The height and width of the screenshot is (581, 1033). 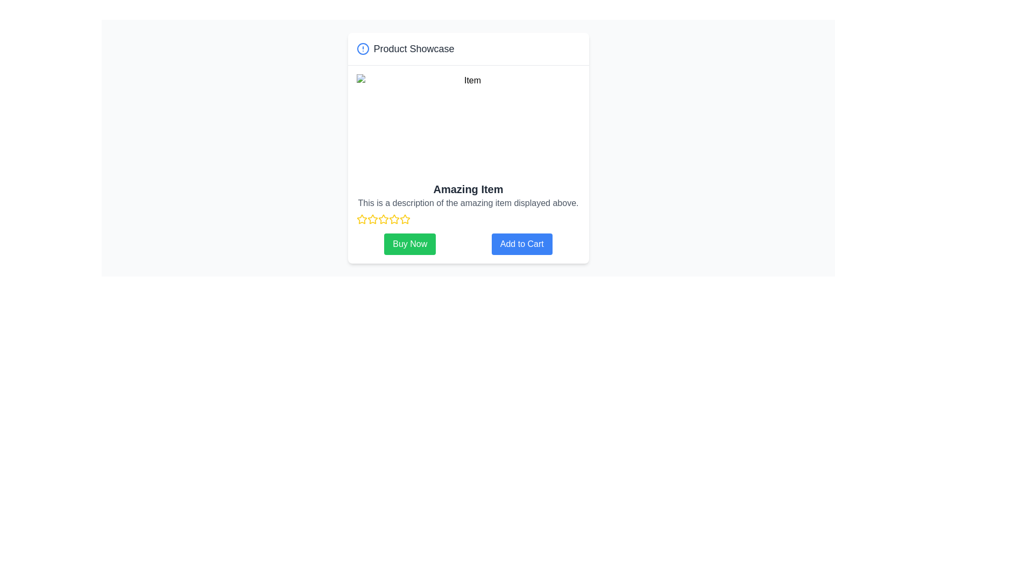 I want to click on the first star icon in the rating row, which is styled with a yellow outline and hollow center, located below the item description, so click(x=362, y=218).